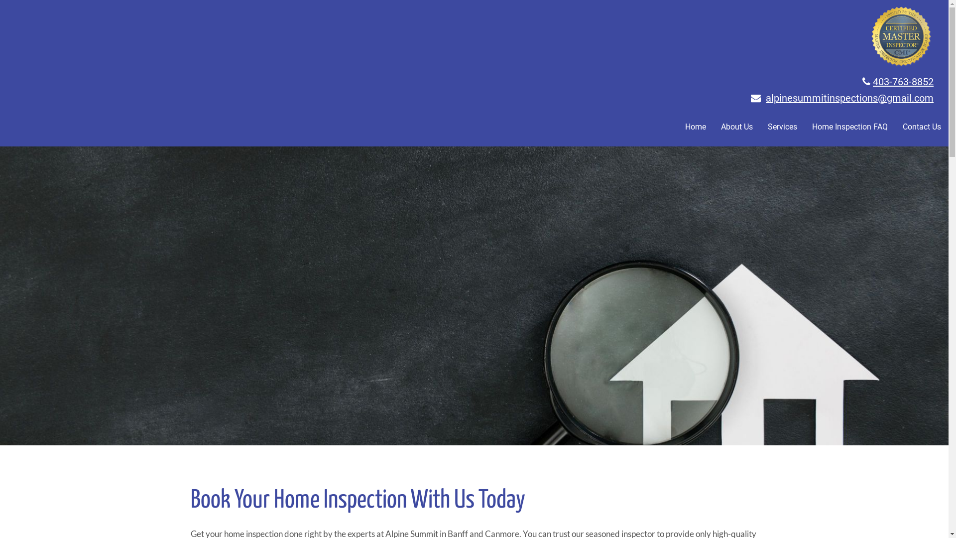 The width and height of the screenshot is (956, 538). What do you see at coordinates (903, 127) in the screenshot?
I see `'Contact Us'` at bounding box center [903, 127].